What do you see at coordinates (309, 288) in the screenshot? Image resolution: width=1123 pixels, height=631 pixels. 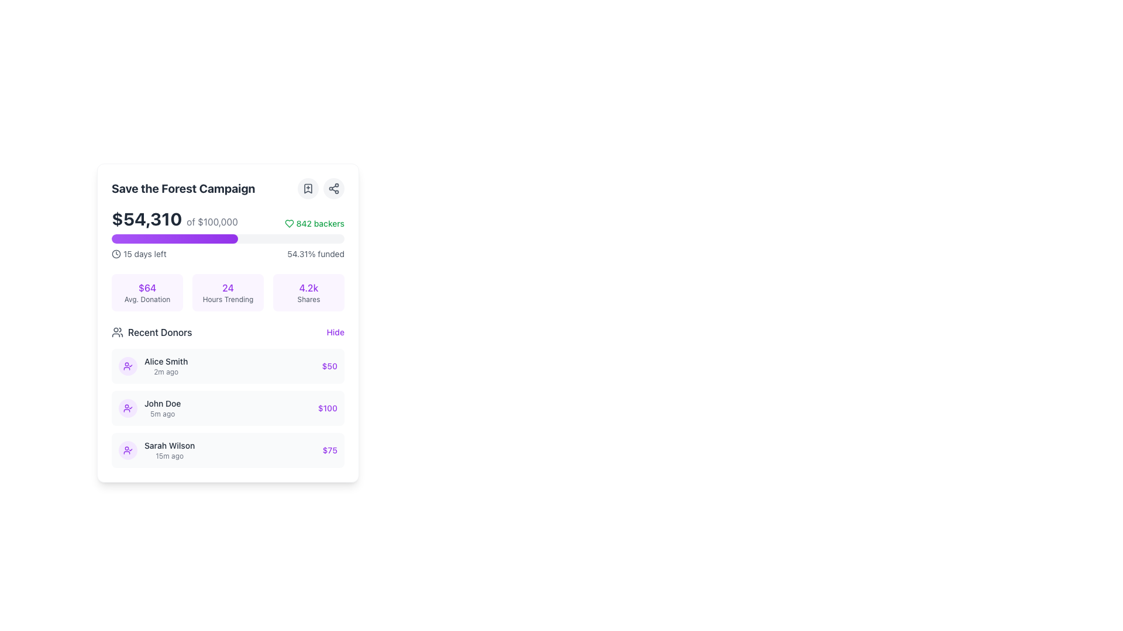 I see `value of the Label displaying '4.2k' in bold, purple font, located near the center-right of the status card, above the 'Shares' text` at bounding box center [309, 288].